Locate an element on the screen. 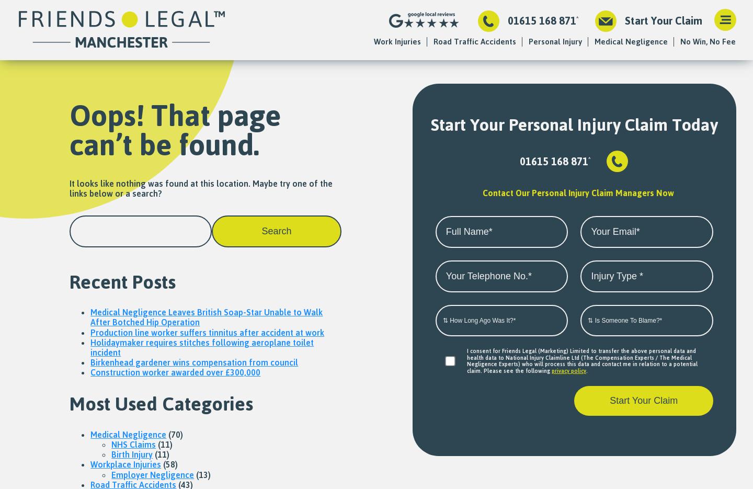  'Arm Injury' is located at coordinates (546, 213).